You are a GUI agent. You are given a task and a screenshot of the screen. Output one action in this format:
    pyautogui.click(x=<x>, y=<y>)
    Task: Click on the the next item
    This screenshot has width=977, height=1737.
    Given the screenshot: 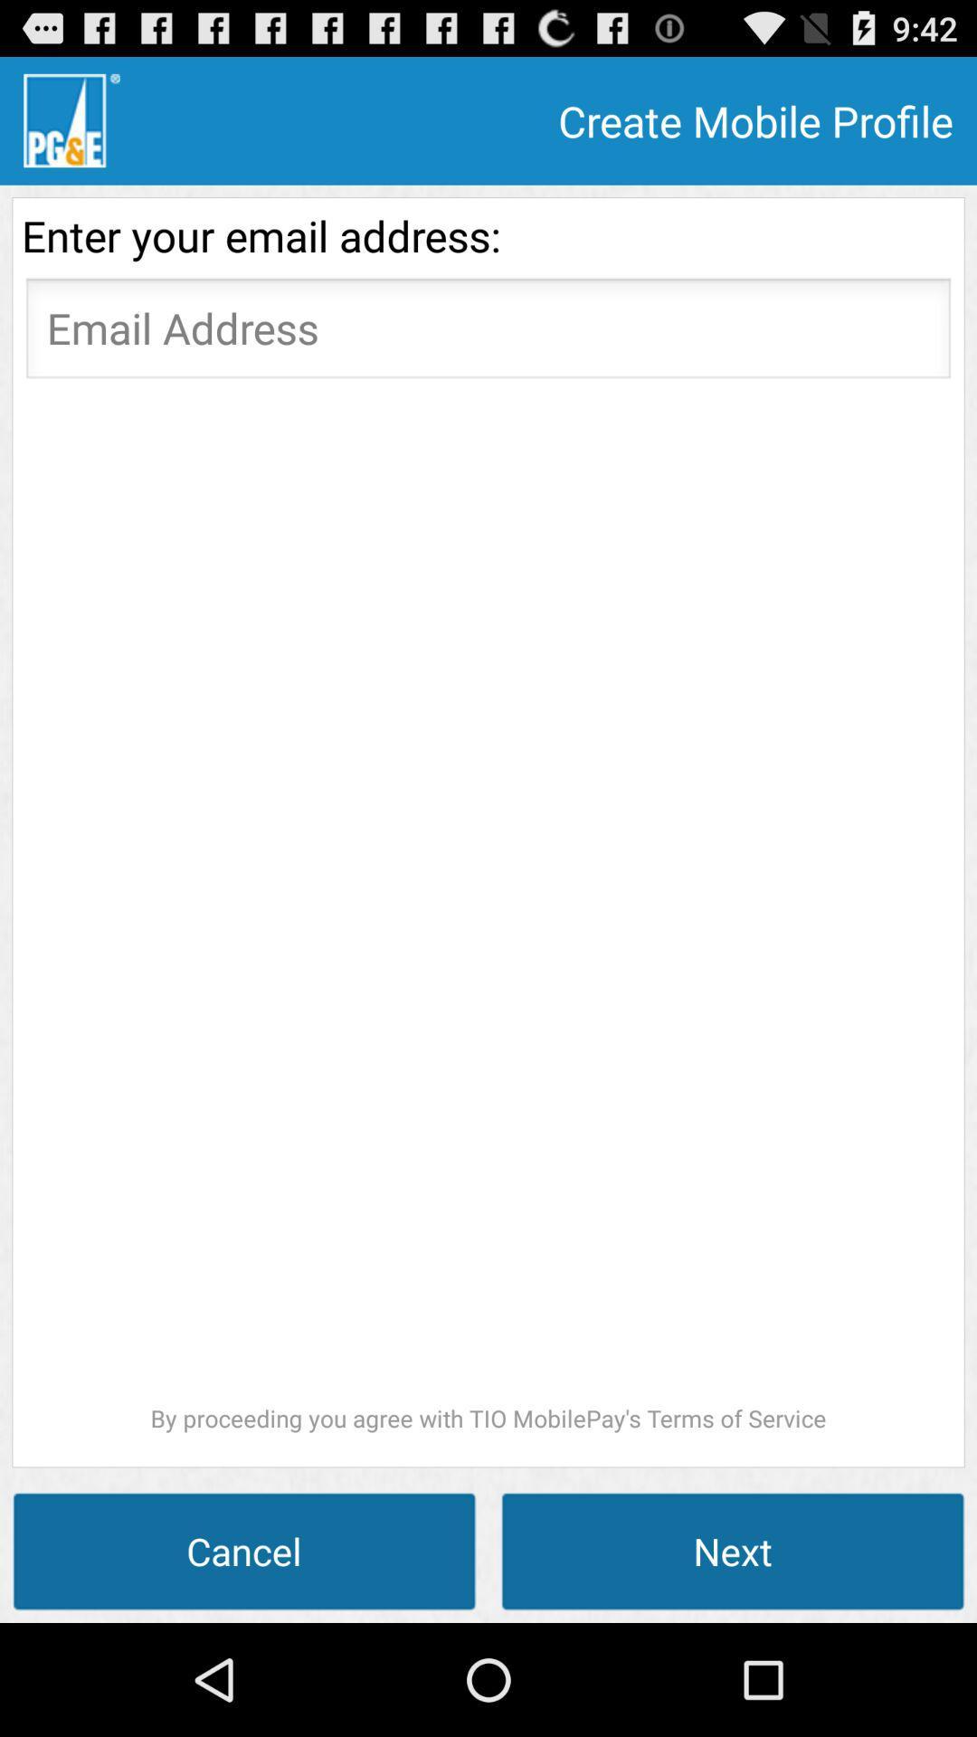 What is the action you would take?
    pyautogui.click(x=733, y=1550)
    